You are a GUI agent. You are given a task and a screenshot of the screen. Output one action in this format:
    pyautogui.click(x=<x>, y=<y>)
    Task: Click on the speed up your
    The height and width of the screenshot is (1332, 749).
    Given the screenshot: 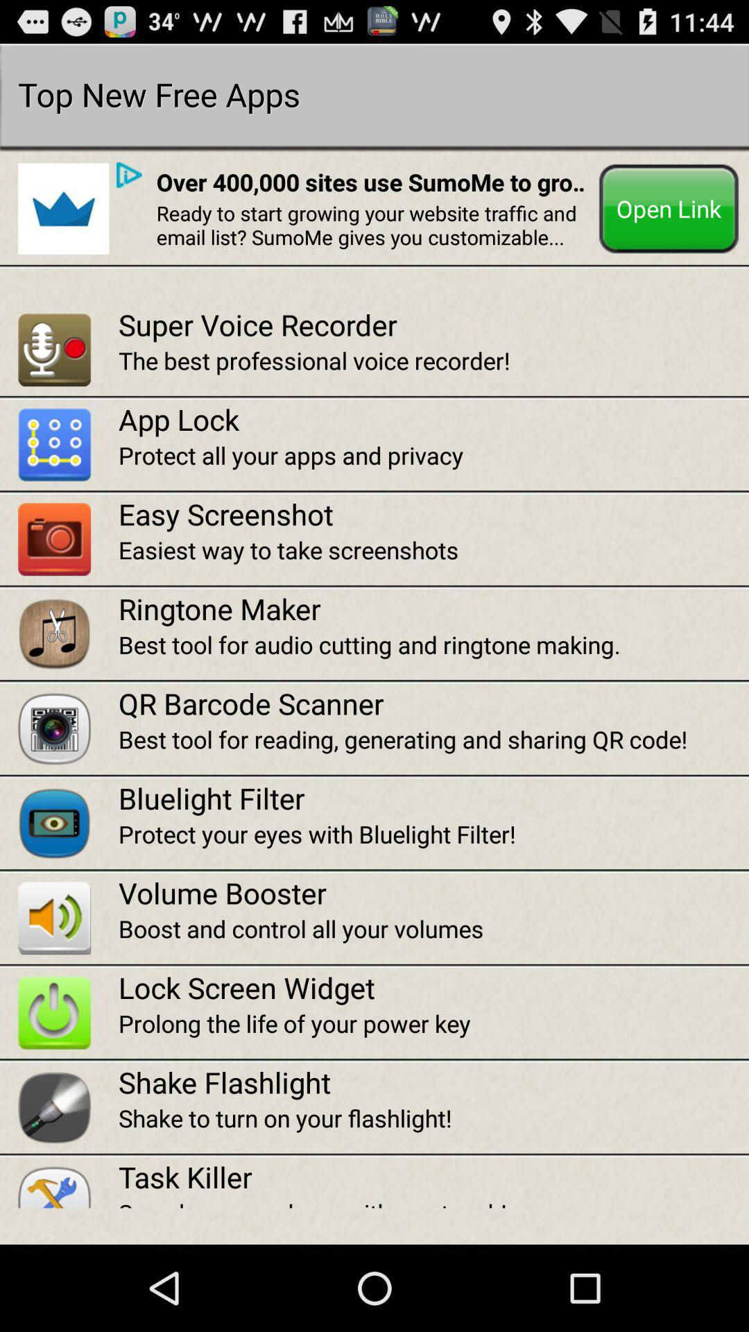 What is the action you would take?
    pyautogui.click(x=433, y=1202)
    